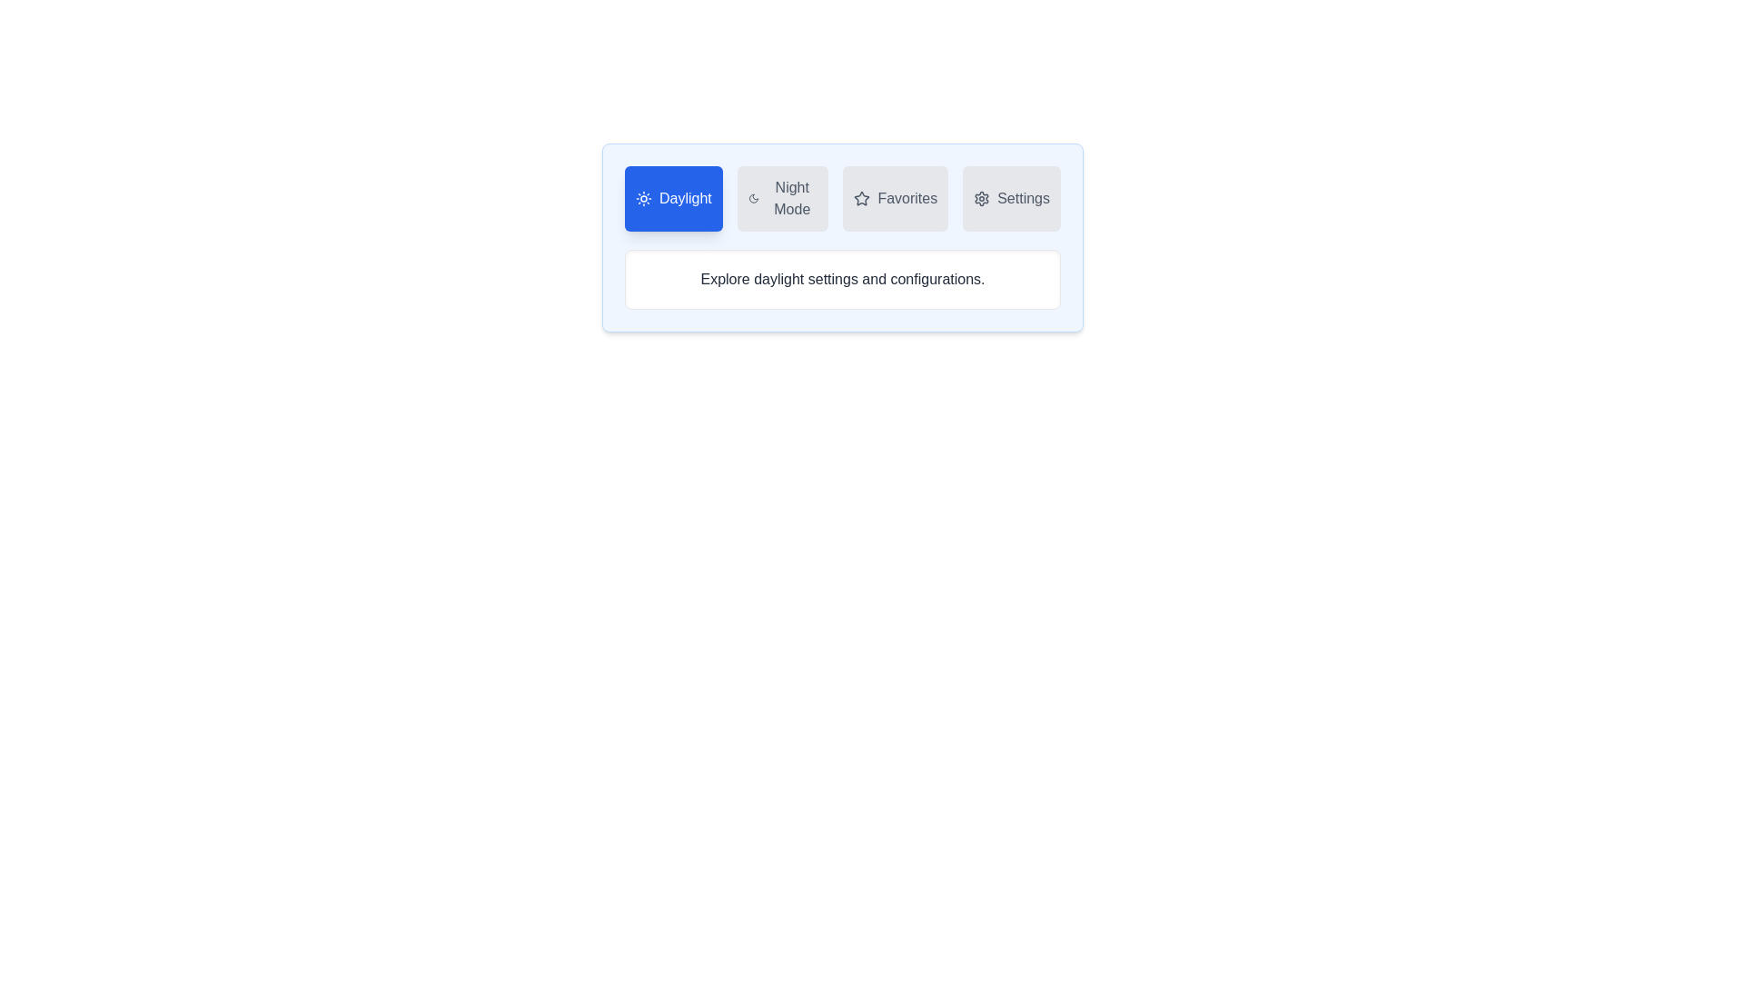 The image size is (1744, 981). What do you see at coordinates (896, 199) in the screenshot?
I see `the Favorites tab to observe hover effects` at bounding box center [896, 199].